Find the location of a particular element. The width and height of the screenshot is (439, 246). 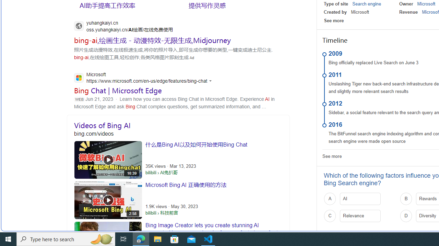

'Revenue' is located at coordinates (408, 12).